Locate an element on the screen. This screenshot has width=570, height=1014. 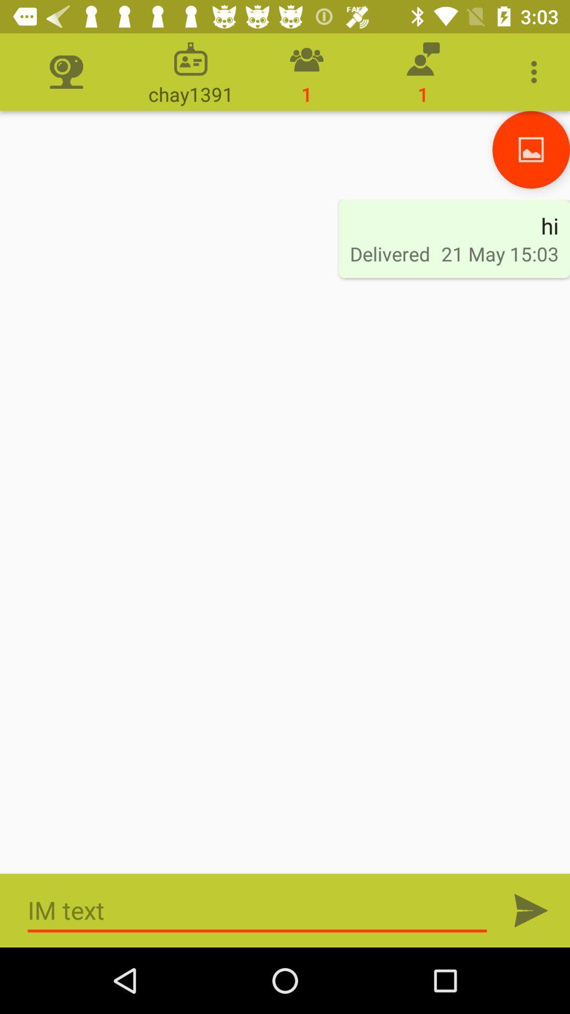
message is located at coordinates (257, 910).